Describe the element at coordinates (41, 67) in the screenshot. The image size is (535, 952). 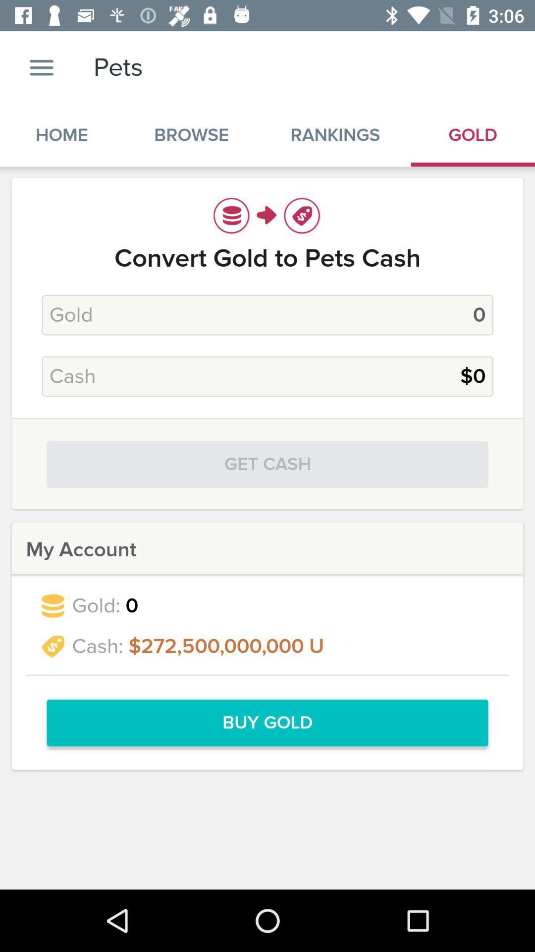
I see `the item above home icon` at that location.